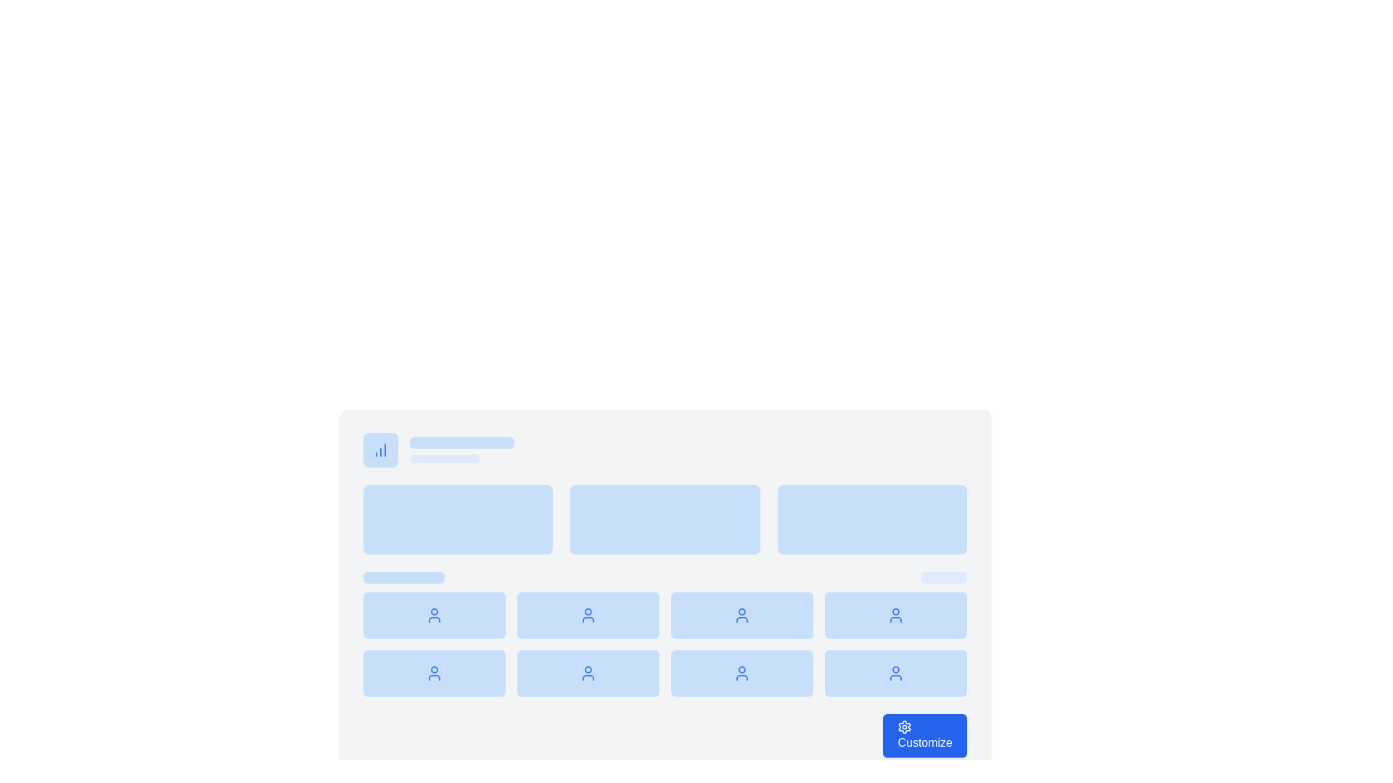  What do you see at coordinates (461, 442) in the screenshot?
I see `the loading animation of the Skeleton Placeholder located near the top-left section of the interface` at bounding box center [461, 442].